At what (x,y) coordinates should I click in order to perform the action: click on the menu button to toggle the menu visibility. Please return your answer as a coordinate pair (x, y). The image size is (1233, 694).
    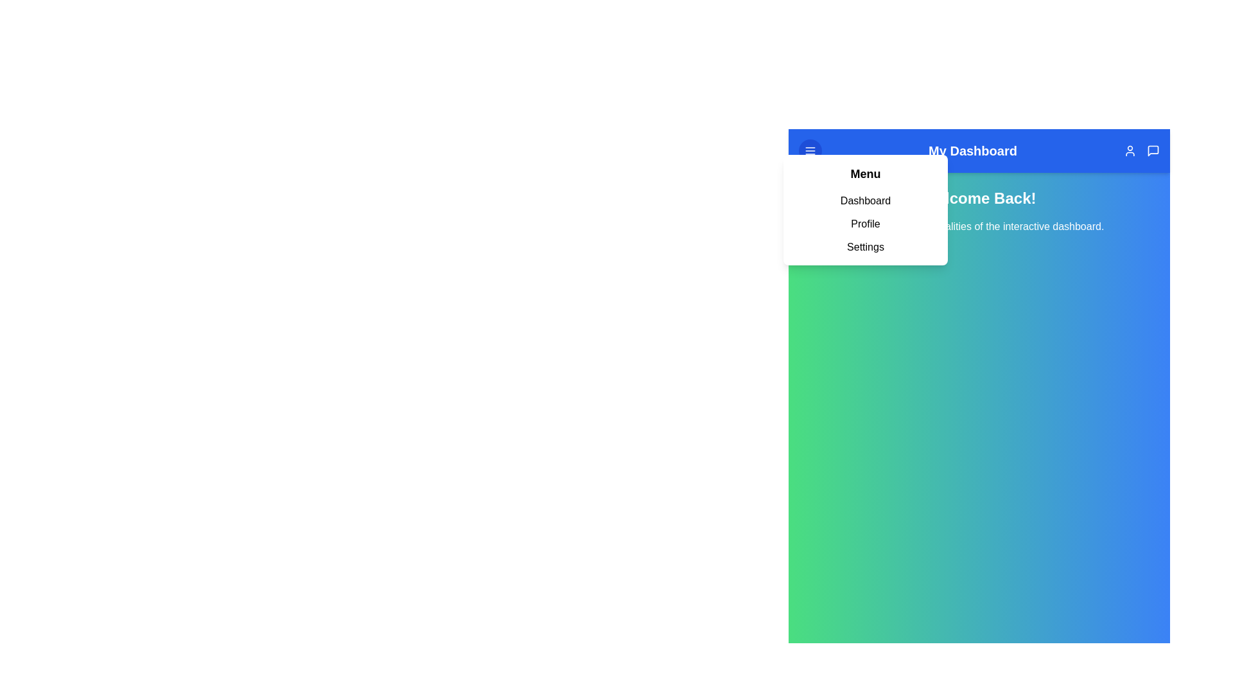
    Looking at the image, I should click on (810, 150).